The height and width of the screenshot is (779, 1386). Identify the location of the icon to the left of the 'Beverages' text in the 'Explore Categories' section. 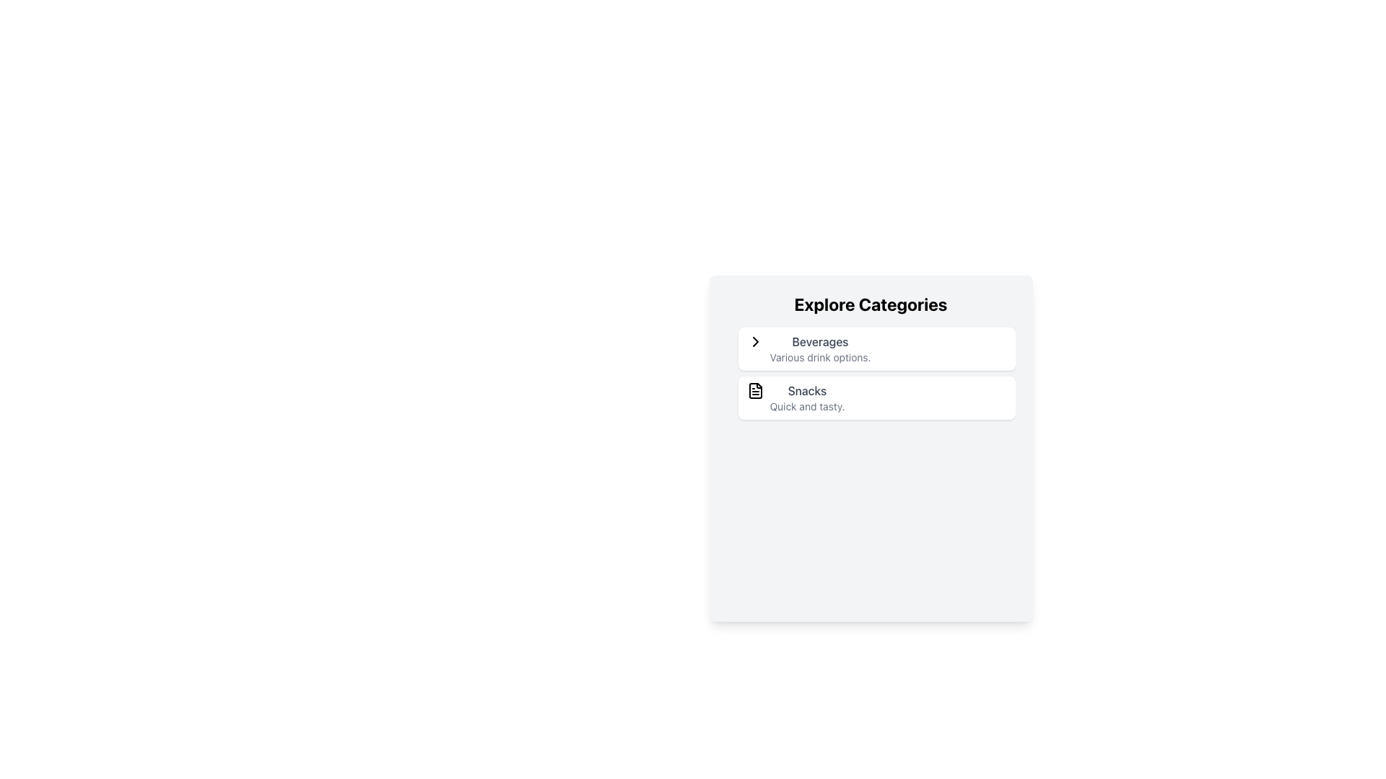
(754, 342).